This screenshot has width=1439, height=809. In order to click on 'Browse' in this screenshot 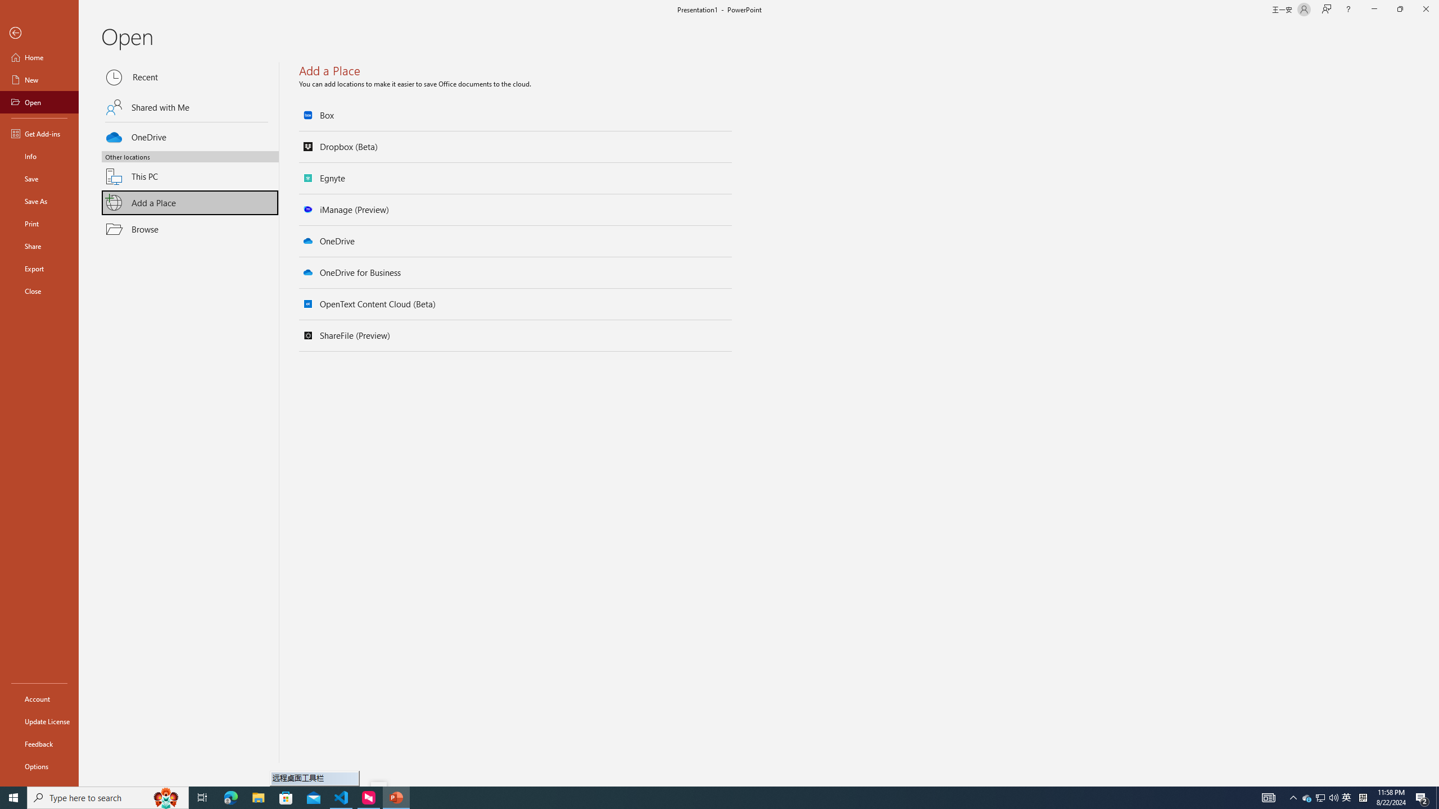, I will do `click(190, 229)`.